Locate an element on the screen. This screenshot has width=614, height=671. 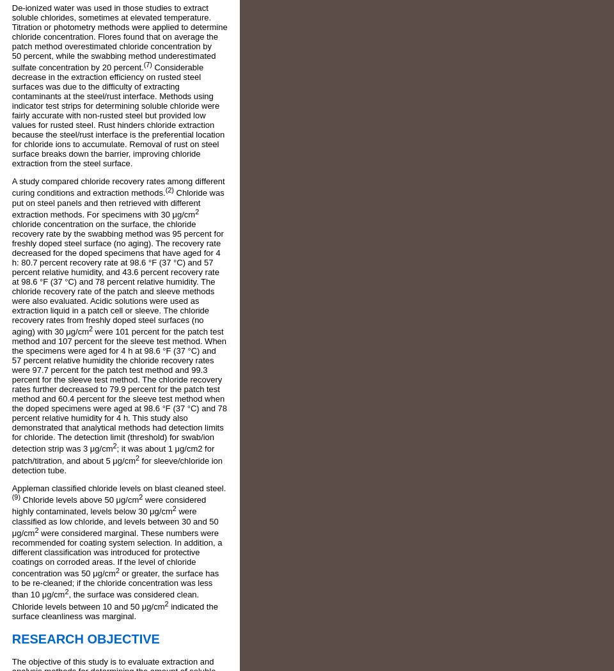
'Chloride was put on  steel panels and then retrieved with different extraction methods. For  specimens with 30 μg/cm' is located at coordinates (118, 203).